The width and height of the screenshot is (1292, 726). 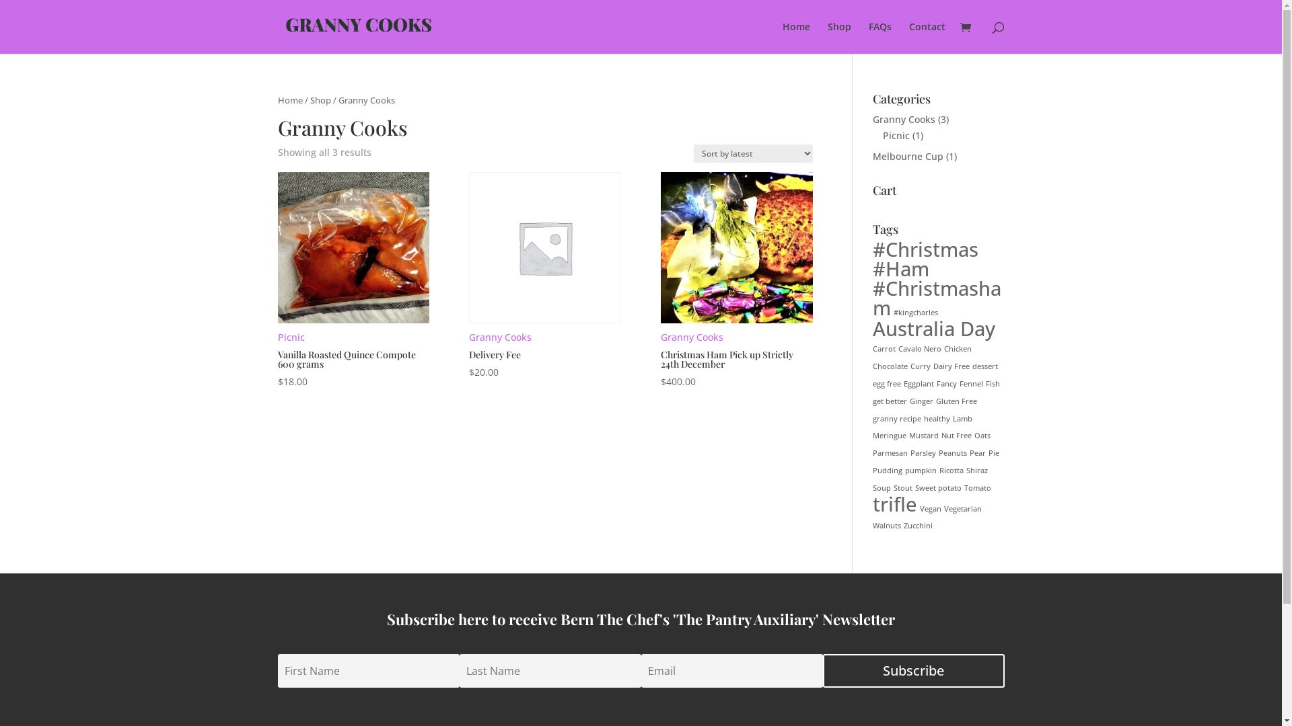 What do you see at coordinates (978, 453) in the screenshot?
I see `'Pear'` at bounding box center [978, 453].